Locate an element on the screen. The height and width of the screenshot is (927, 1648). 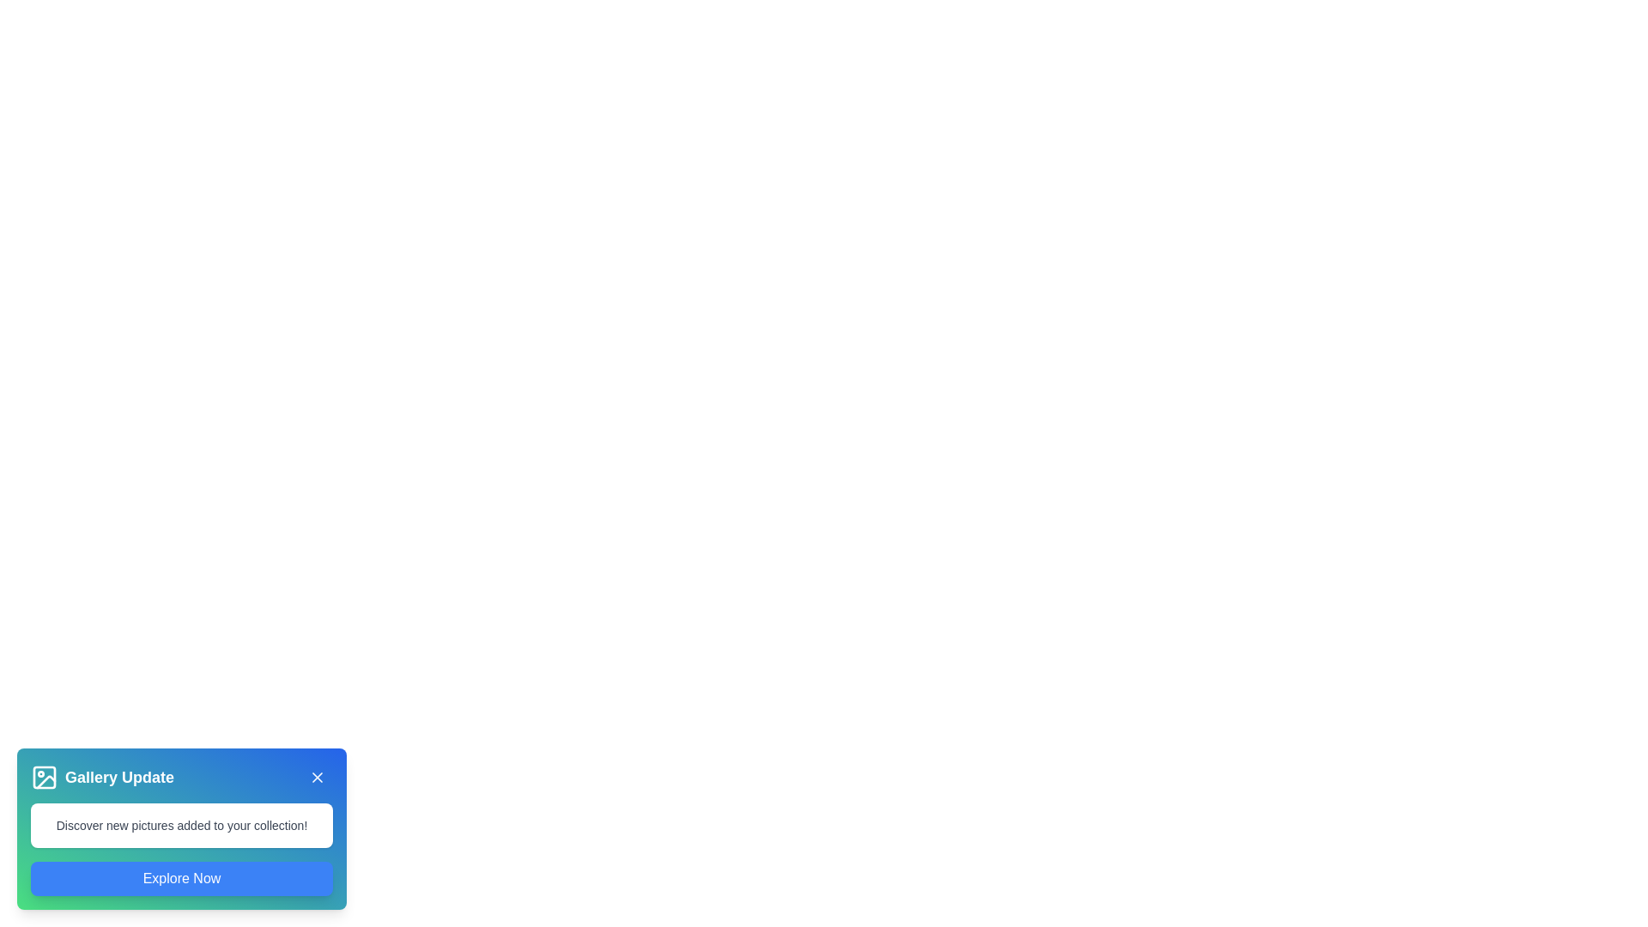
the snackbar component for keyboard navigation is located at coordinates (181, 827).